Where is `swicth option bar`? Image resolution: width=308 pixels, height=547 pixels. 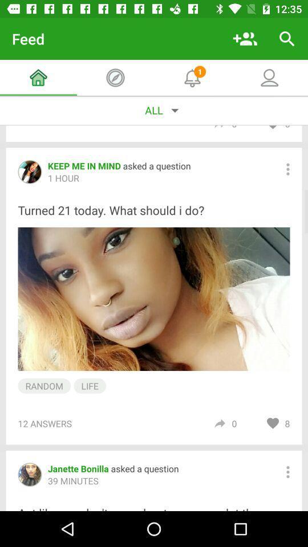 swicth option bar is located at coordinates (287, 169).